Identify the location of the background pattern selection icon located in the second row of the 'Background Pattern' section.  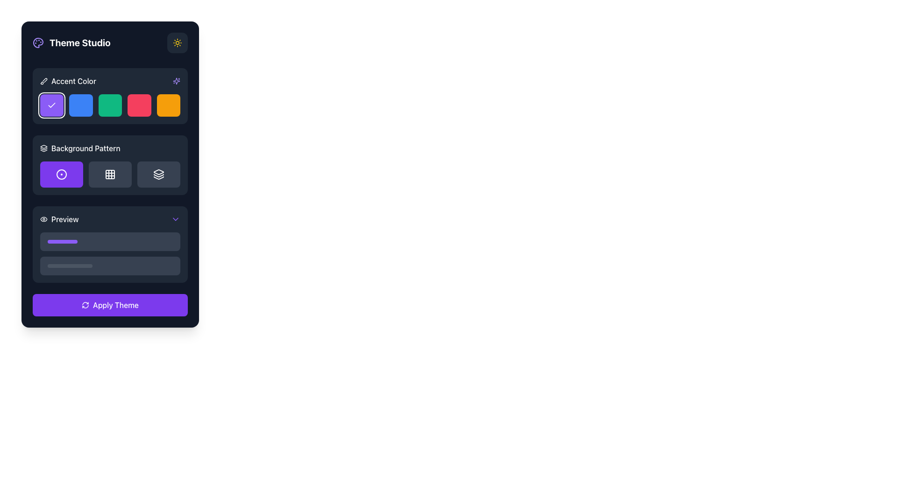
(159, 172).